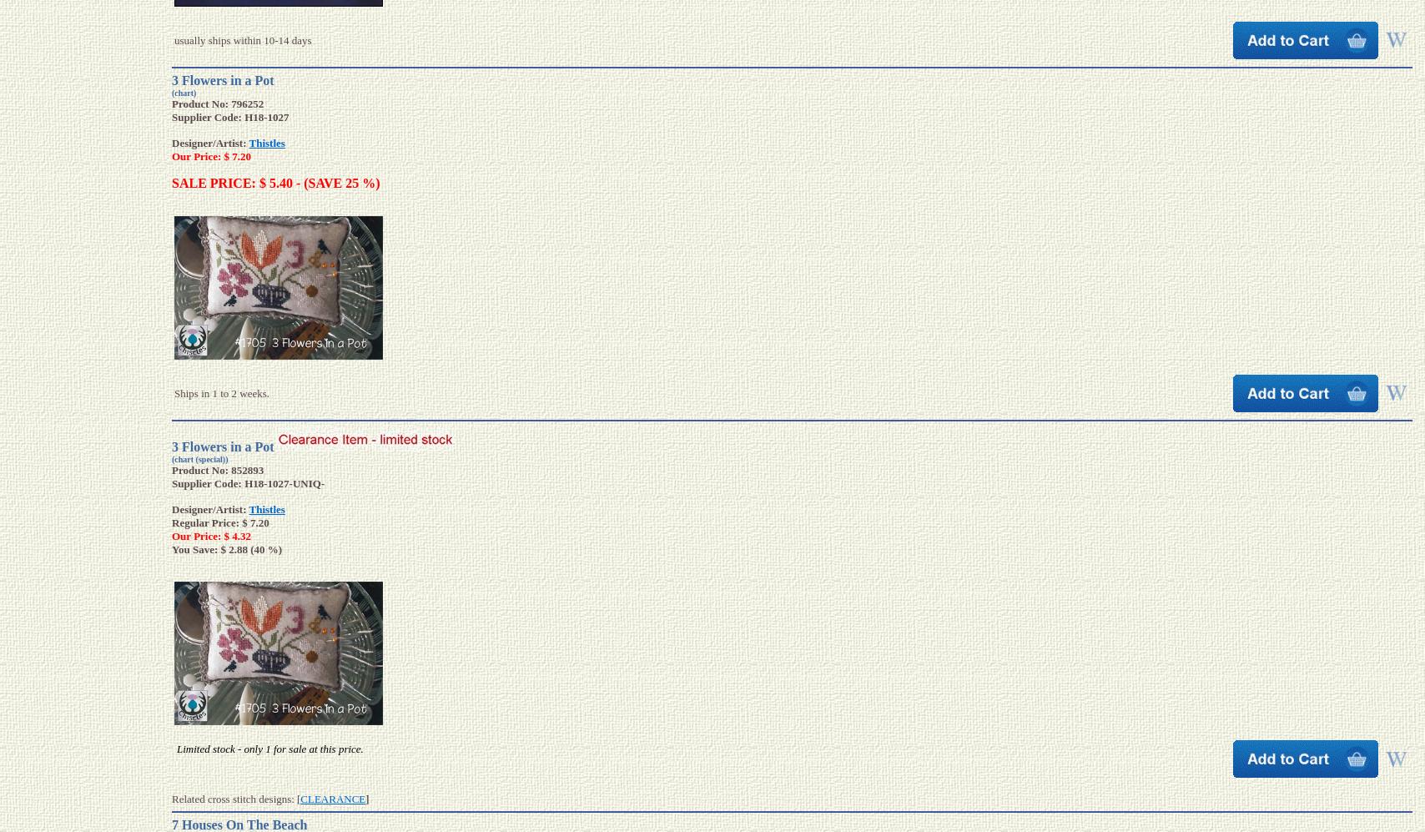 Image resolution: width=1425 pixels, height=832 pixels. What do you see at coordinates (171, 824) in the screenshot?
I see `'7 Houses On The Beach'` at bounding box center [171, 824].